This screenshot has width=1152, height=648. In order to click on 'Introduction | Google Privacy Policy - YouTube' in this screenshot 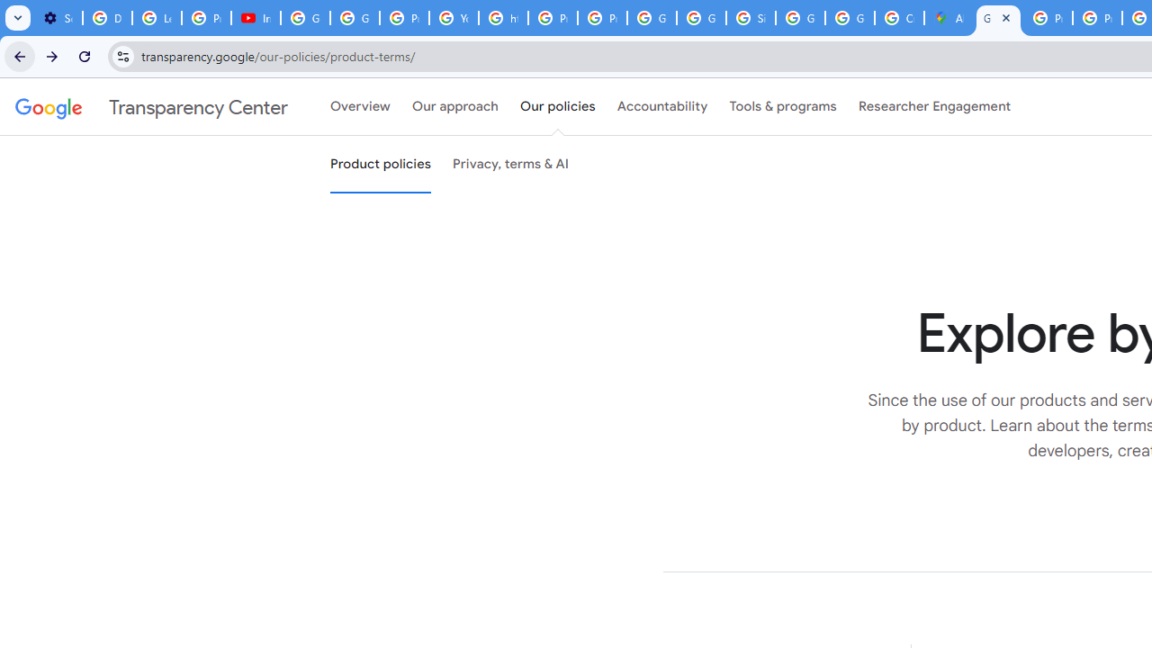, I will do `click(255, 18)`.